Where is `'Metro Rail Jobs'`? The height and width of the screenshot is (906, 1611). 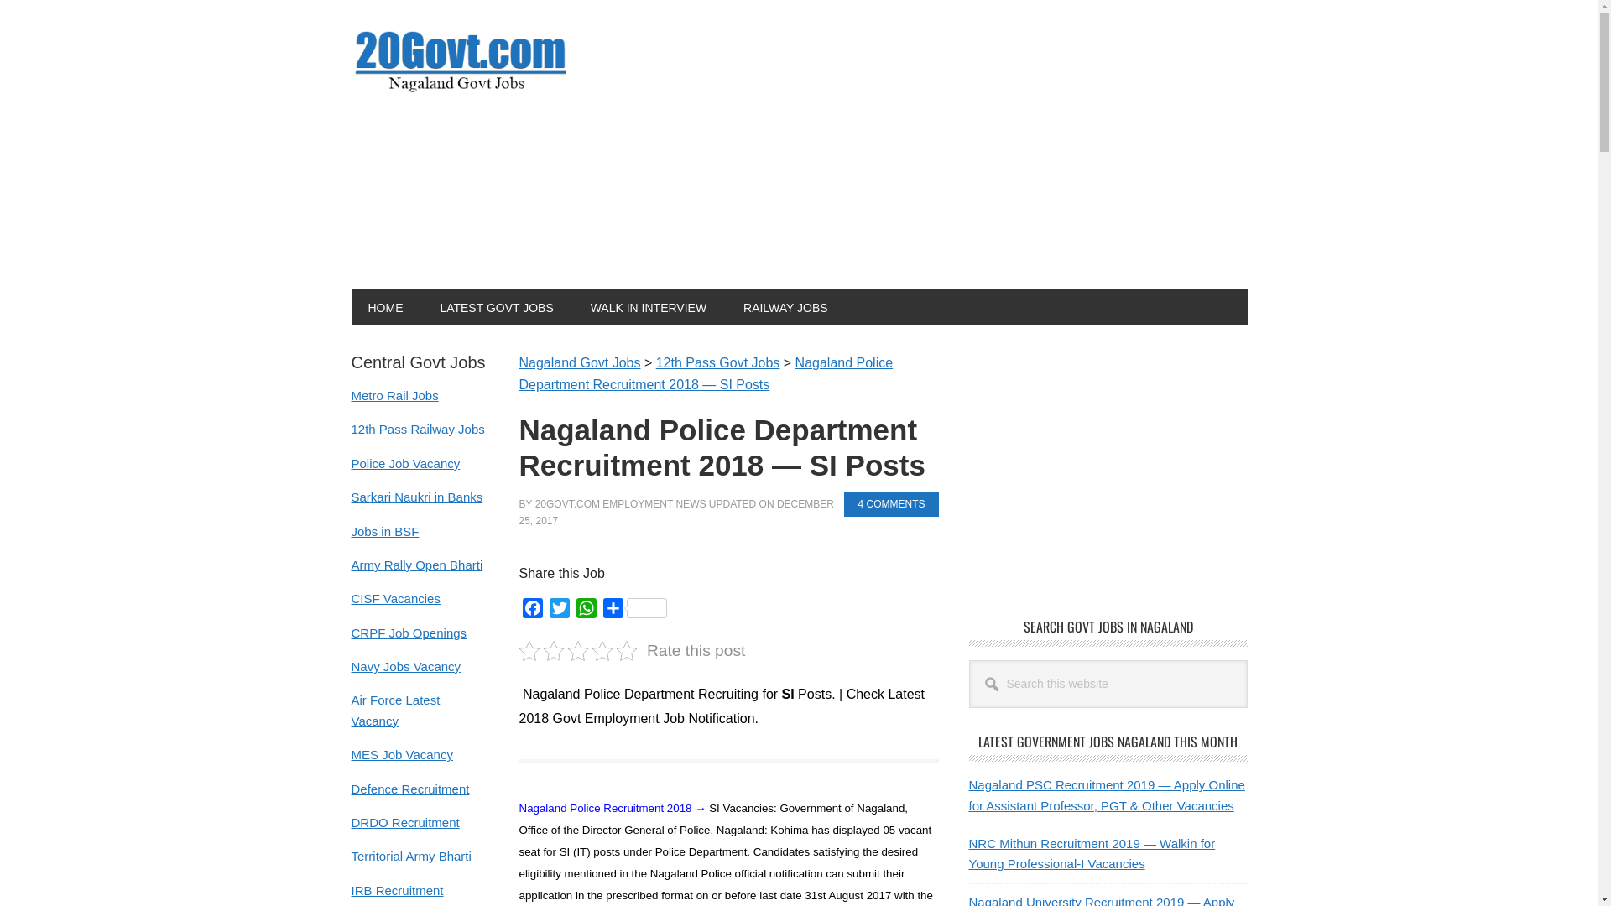 'Metro Rail Jobs' is located at coordinates (394, 395).